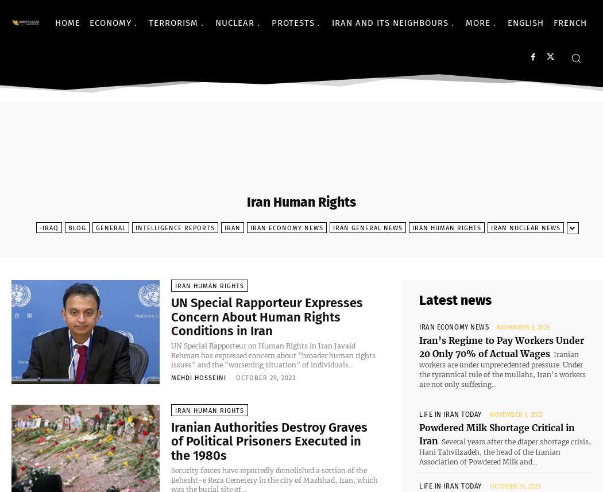 The height and width of the screenshot is (492, 603). What do you see at coordinates (367, 227) in the screenshot?
I see `'Iran General News'` at bounding box center [367, 227].